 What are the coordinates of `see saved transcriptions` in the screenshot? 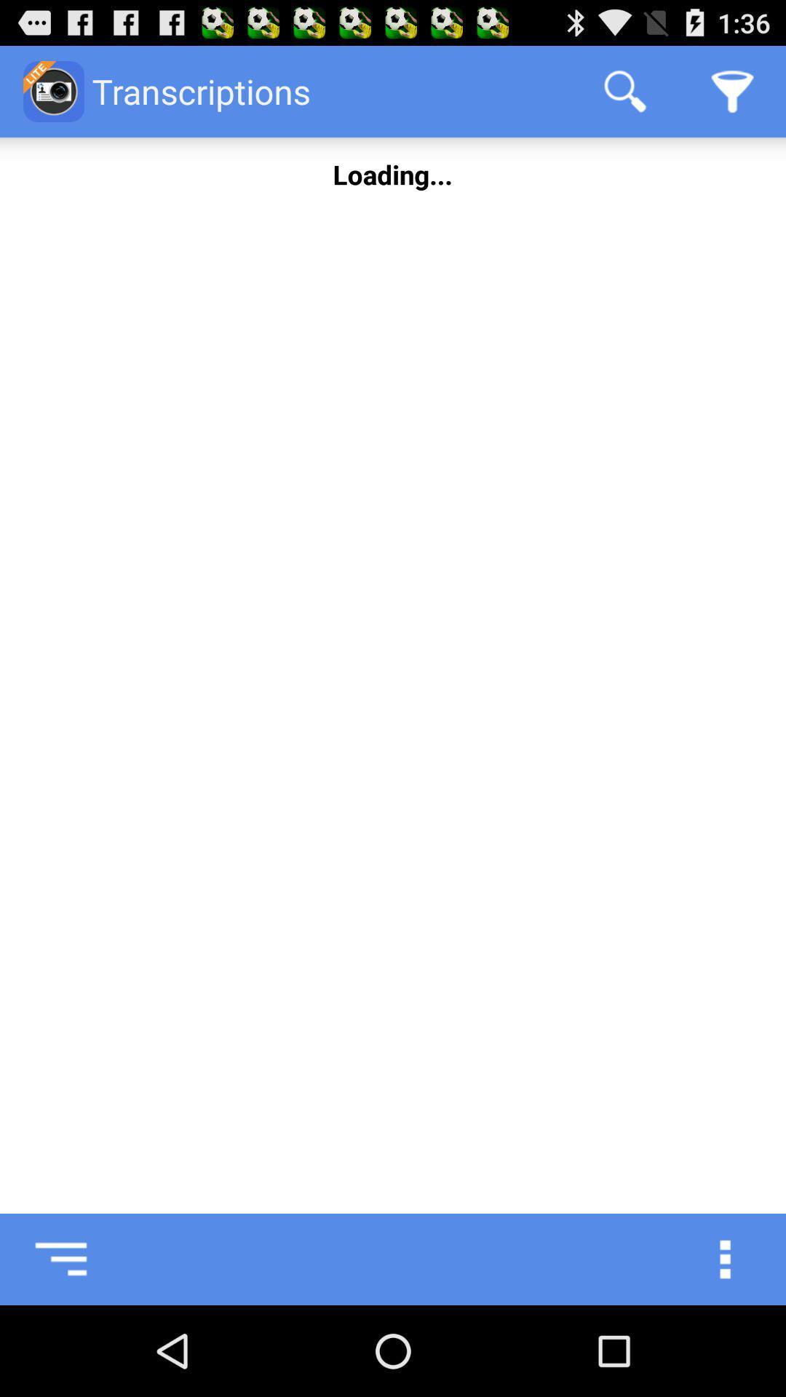 It's located at (44, 1259).